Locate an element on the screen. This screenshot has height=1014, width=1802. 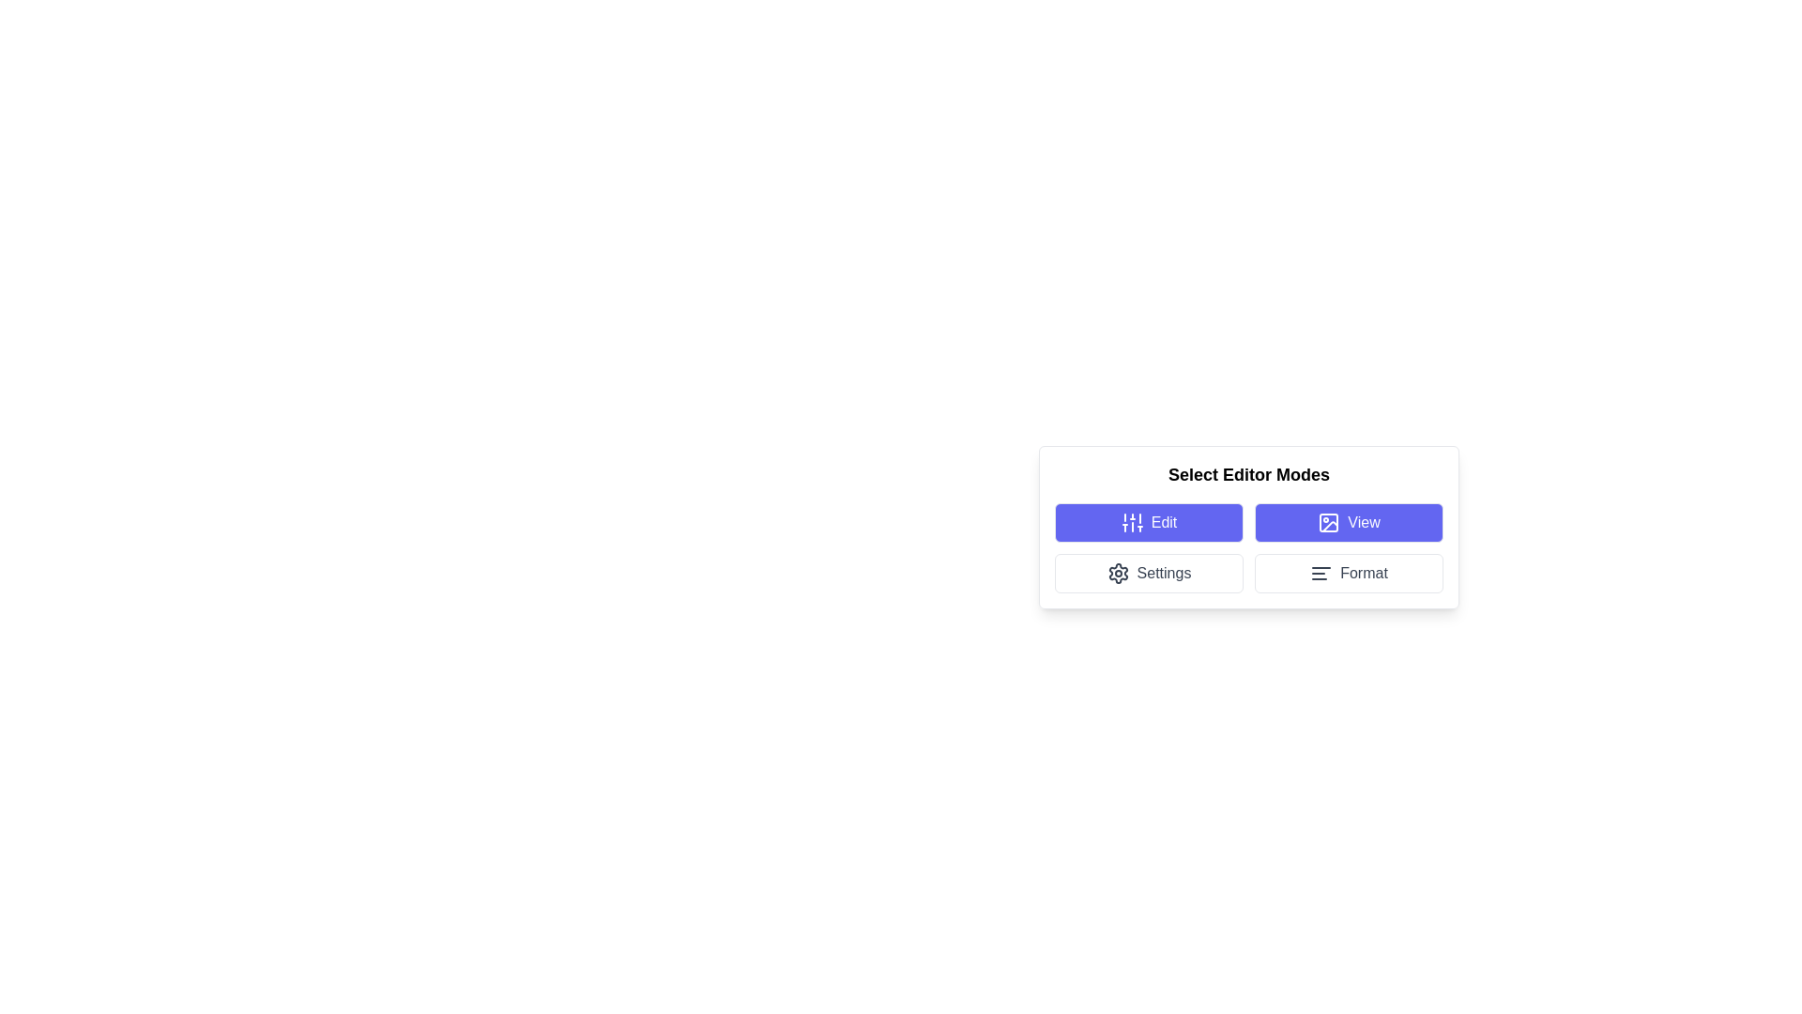
the 'Format' button located in the bottom-right corner of the settings options grid is located at coordinates (1348, 572).